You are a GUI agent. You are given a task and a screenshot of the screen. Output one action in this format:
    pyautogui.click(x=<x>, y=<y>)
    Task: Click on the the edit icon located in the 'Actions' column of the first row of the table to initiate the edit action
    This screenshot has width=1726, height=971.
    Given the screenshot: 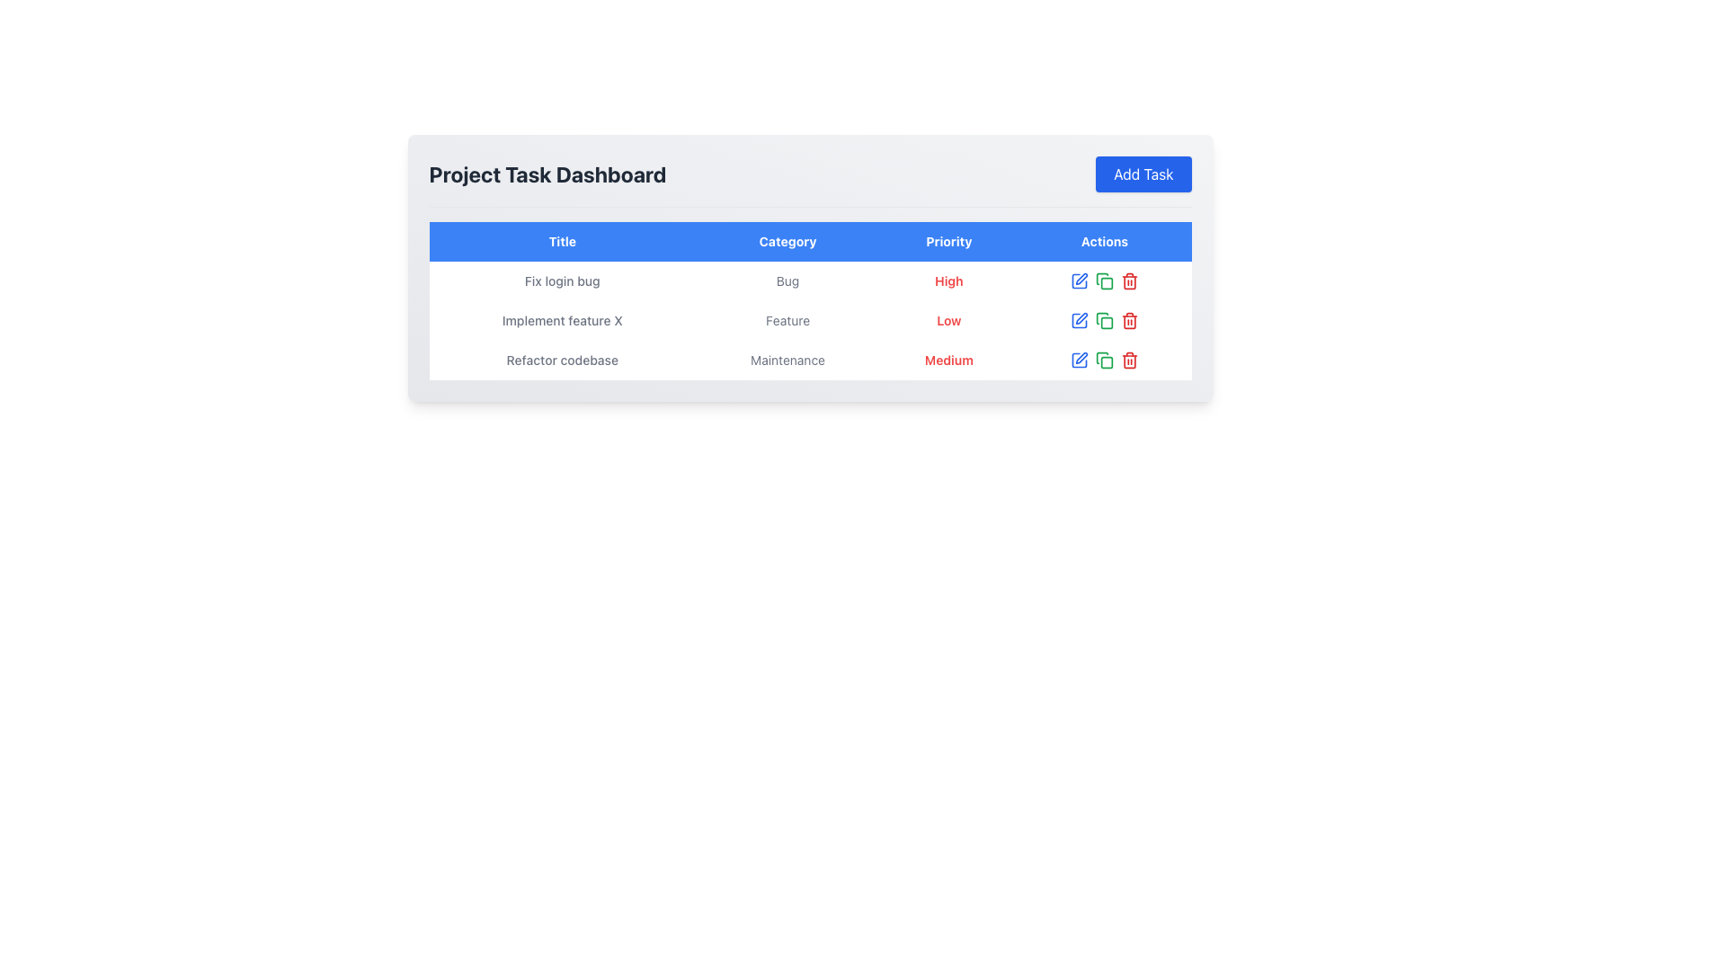 What is the action you would take?
    pyautogui.click(x=1081, y=279)
    